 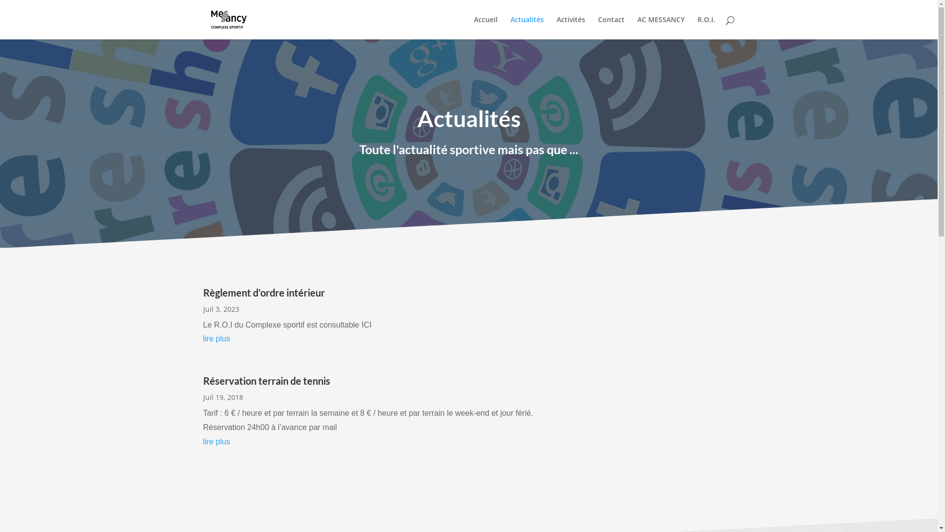 I want to click on 'Contact', so click(x=610, y=27).